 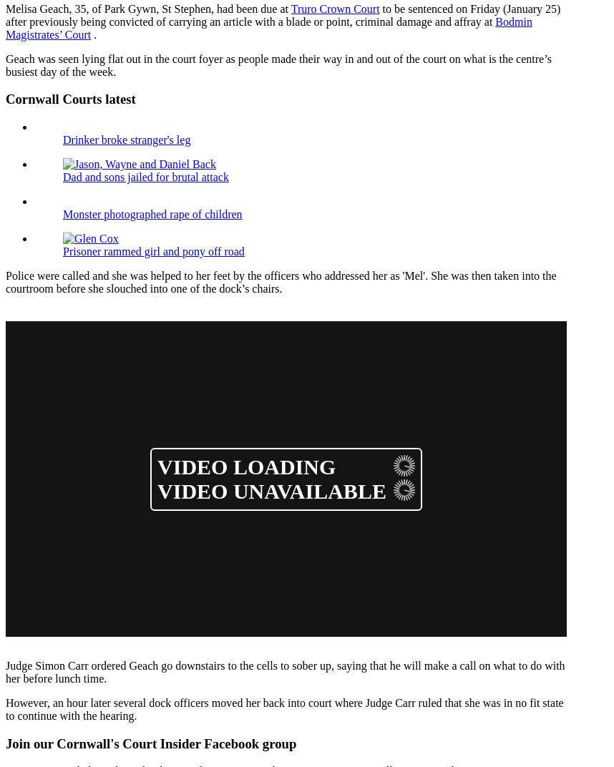 I want to click on 'Drinker broke stranger's leg', so click(x=127, y=139).